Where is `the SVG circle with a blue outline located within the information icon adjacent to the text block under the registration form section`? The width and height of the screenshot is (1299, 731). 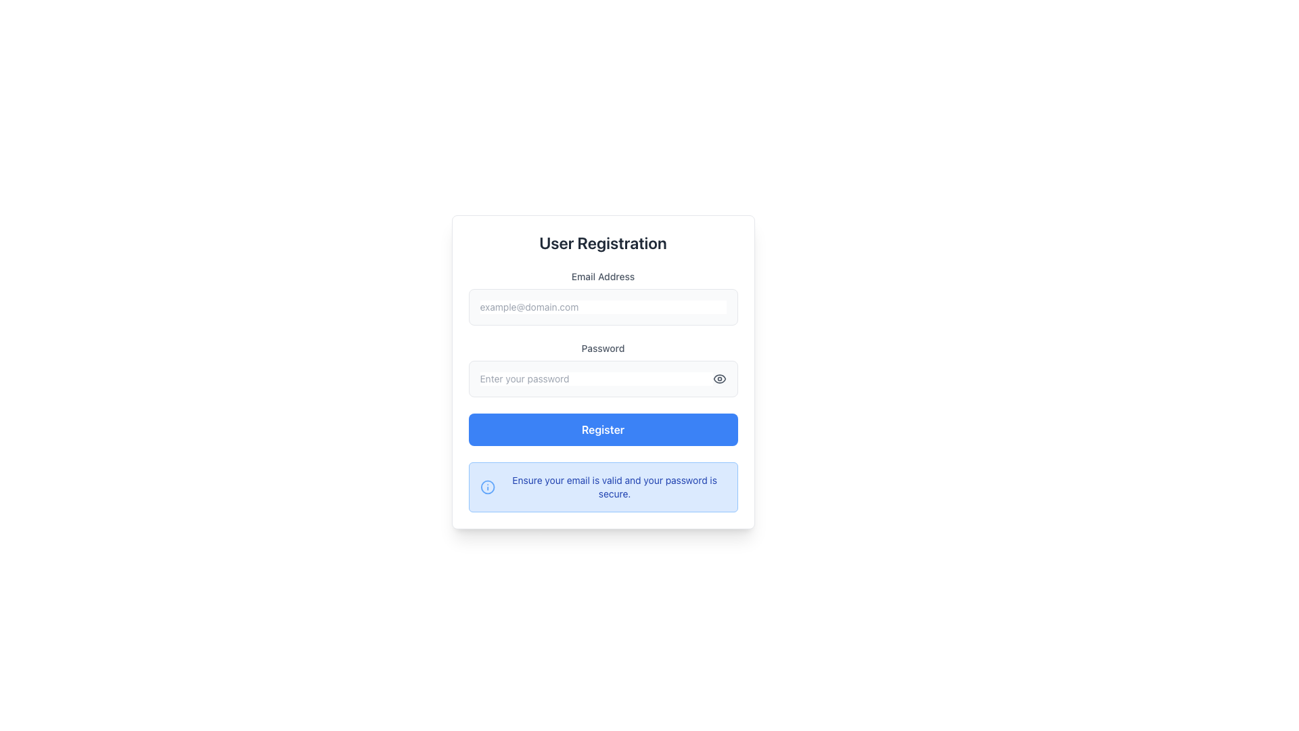
the SVG circle with a blue outline located within the information icon adjacent to the text block under the registration form section is located at coordinates (487, 487).